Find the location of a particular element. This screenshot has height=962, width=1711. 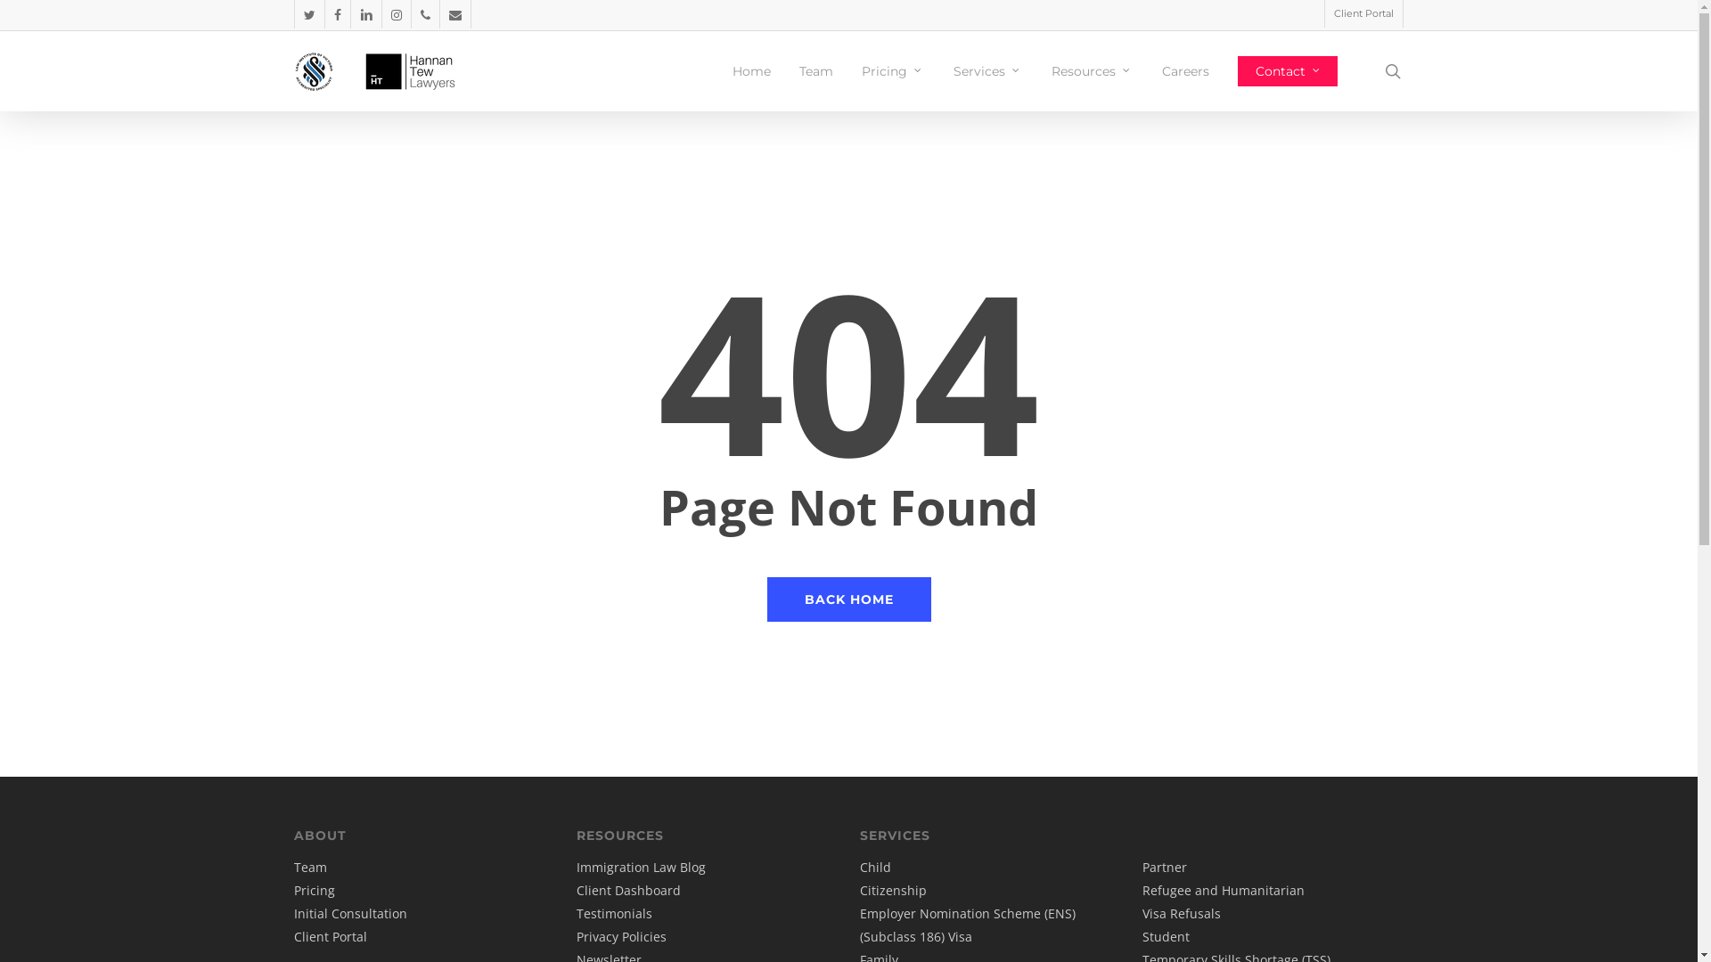

'Phone' is located at coordinates (409, 13).